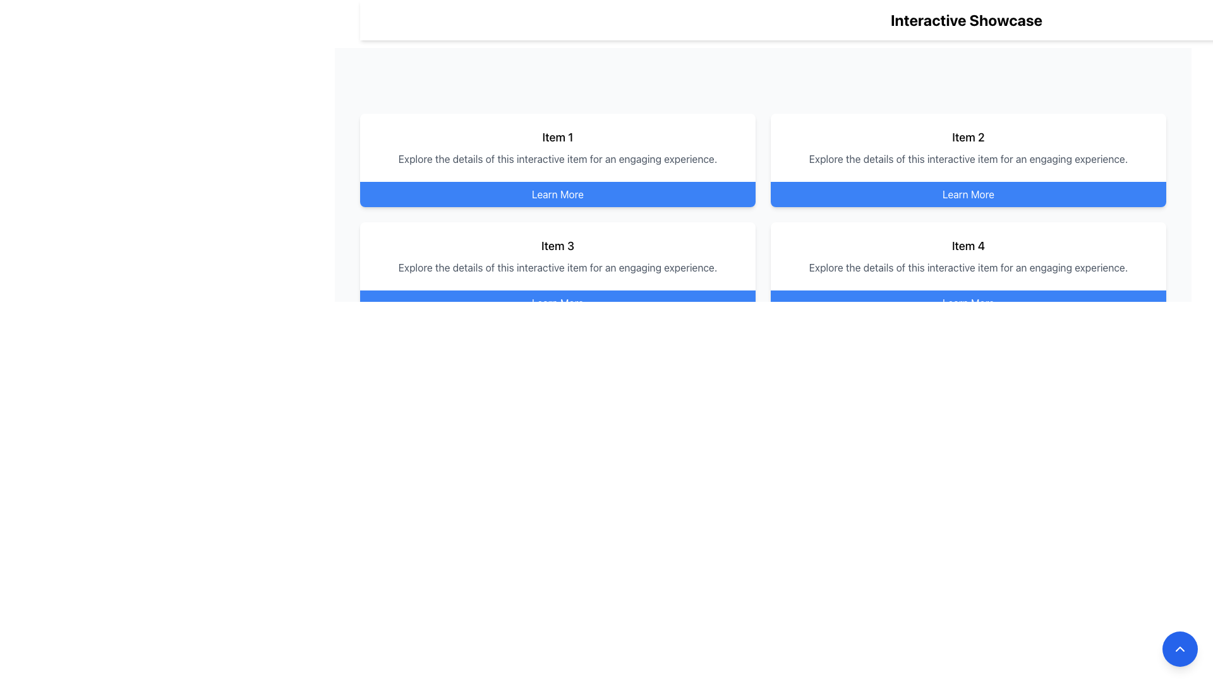  I want to click on information displayed on the Informational card located in the top right quadrant of the grid layout, which is the second card following 'Item 1', so click(967, 147).